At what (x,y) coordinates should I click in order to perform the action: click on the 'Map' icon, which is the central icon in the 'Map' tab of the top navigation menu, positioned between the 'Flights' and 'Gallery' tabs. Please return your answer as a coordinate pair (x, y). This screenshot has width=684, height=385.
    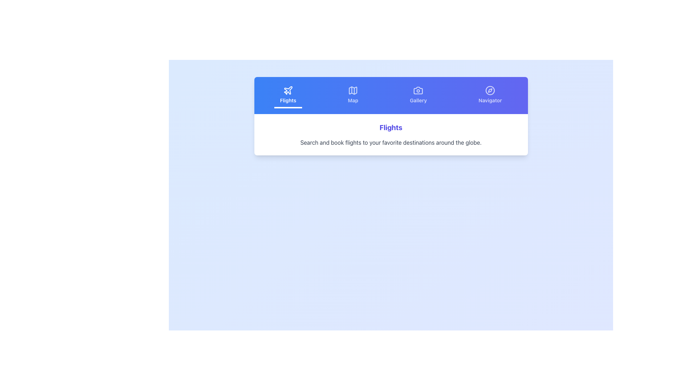
    Looking at the image, I should click on (353, 90).